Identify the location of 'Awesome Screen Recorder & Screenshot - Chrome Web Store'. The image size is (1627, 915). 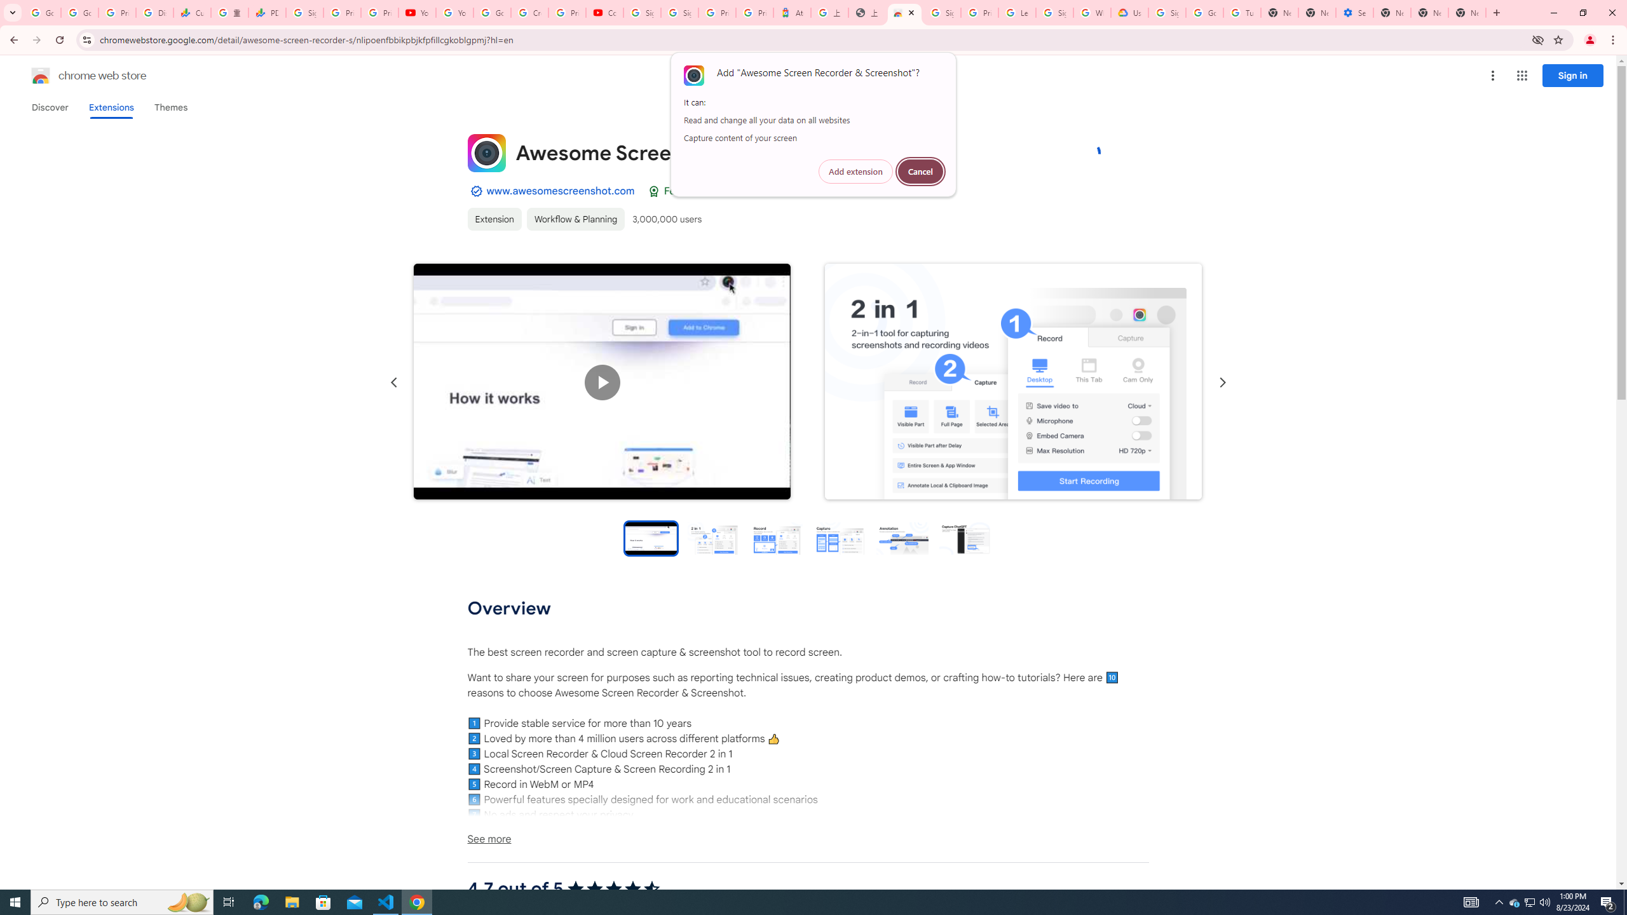
(904, 12).